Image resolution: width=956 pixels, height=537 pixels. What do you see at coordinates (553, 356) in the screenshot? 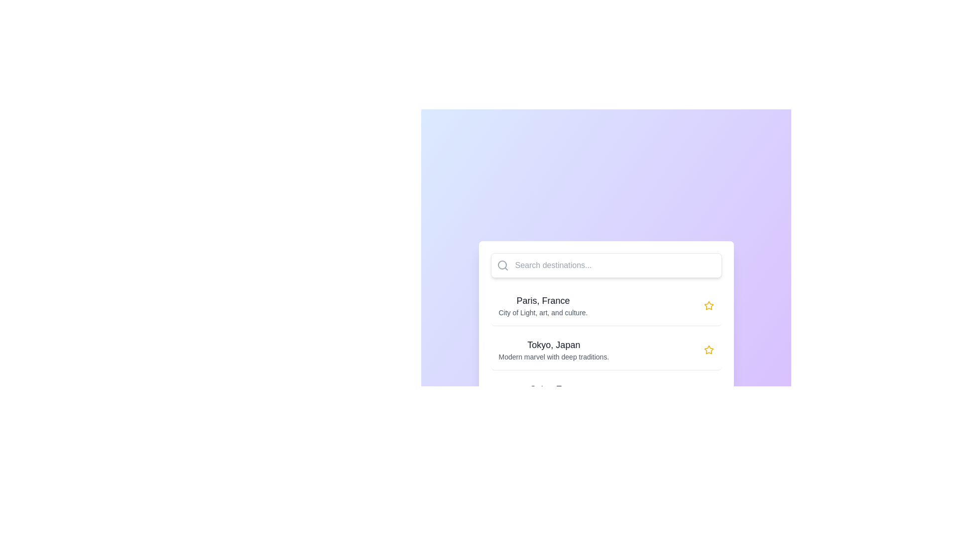
I see `the text label providing additional descriptive information about 'Tokyo, Japan', which is positioned directly beneath the title in a structured list entry` at bounding box center [553, 356].